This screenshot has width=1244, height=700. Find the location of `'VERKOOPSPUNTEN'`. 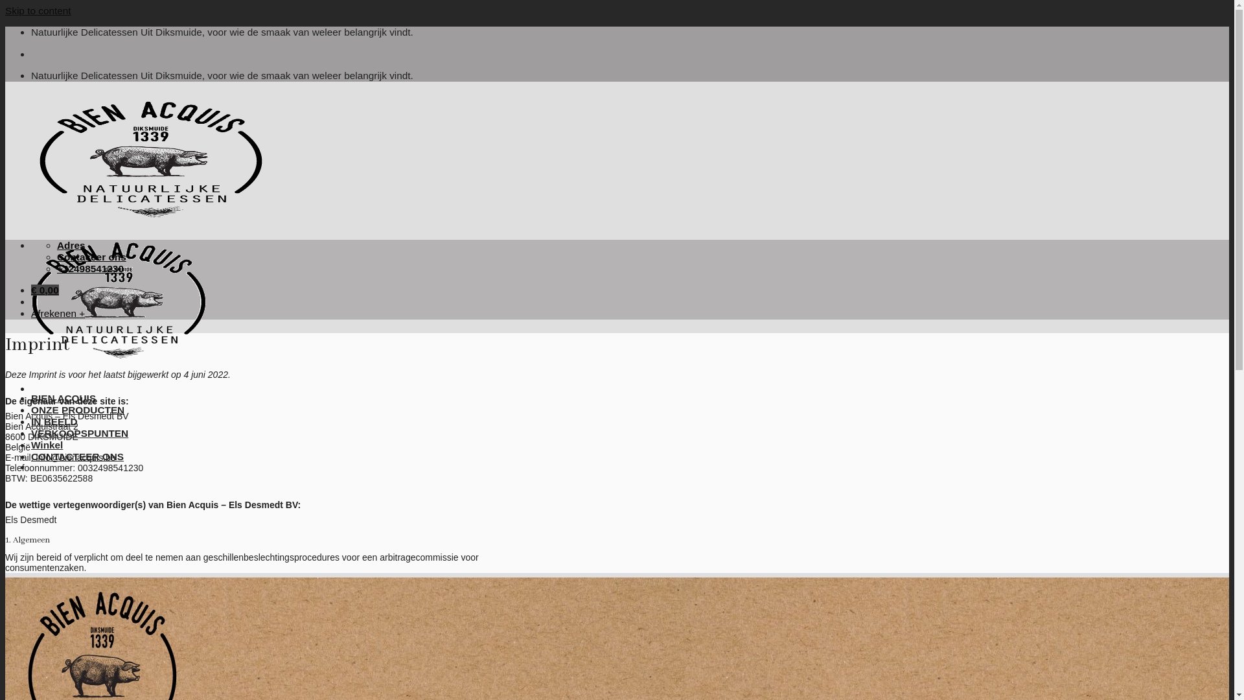

'VERKOOPSPUNTEN' is located at coordinates (79, 433).